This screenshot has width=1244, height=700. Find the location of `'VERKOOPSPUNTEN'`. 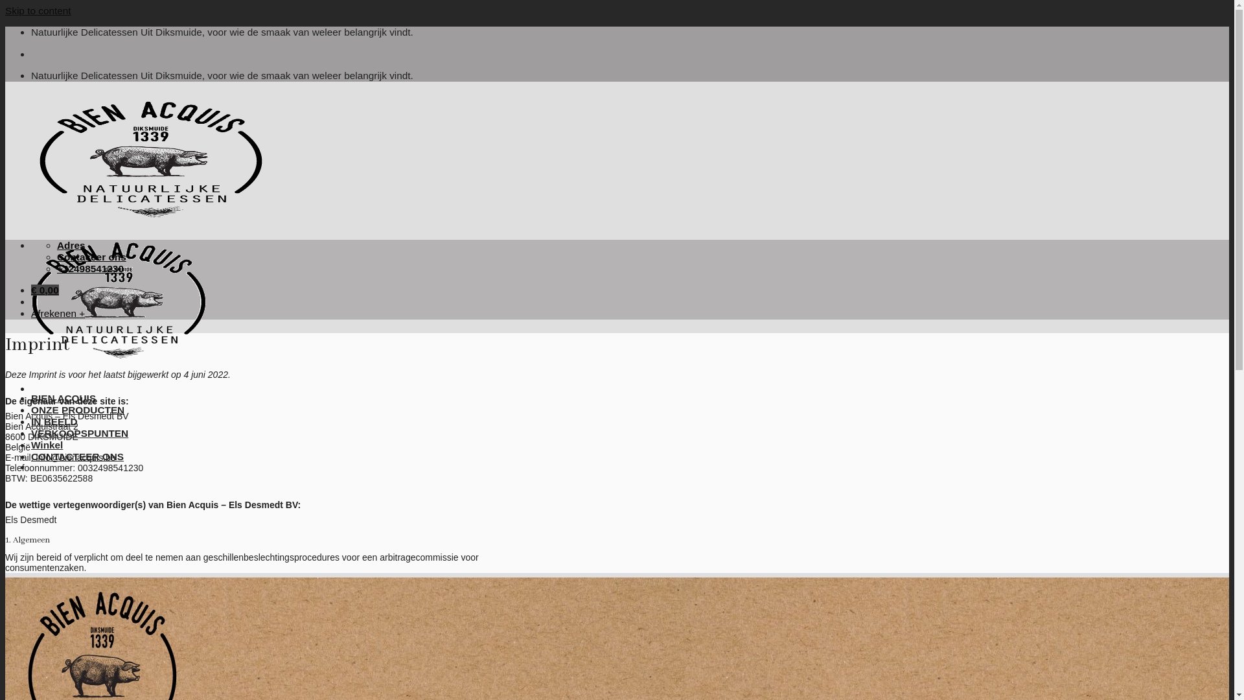

'VERKOOPSPUNTEN' is located at coordinates (79, 433).